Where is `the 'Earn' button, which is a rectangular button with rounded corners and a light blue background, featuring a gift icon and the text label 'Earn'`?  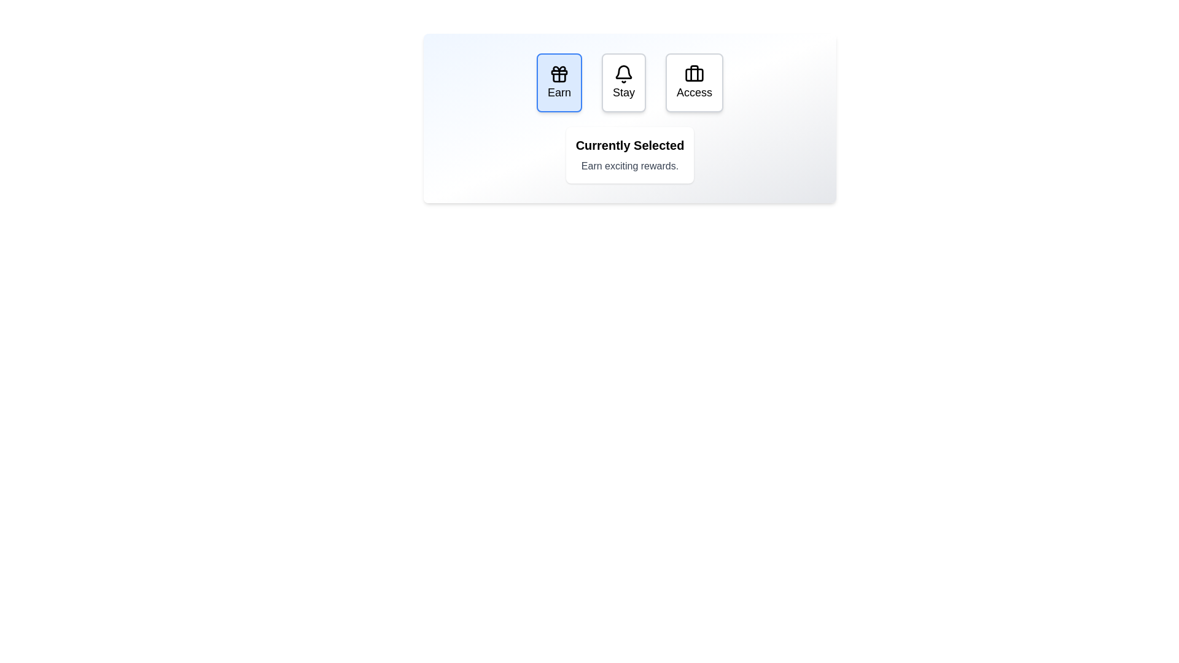
the 'Earn' button, which is a rectangular button with rounded corners and a light blue background, featuring a gift icon and the text label 'Earn' is located at coordinates (559, 83).